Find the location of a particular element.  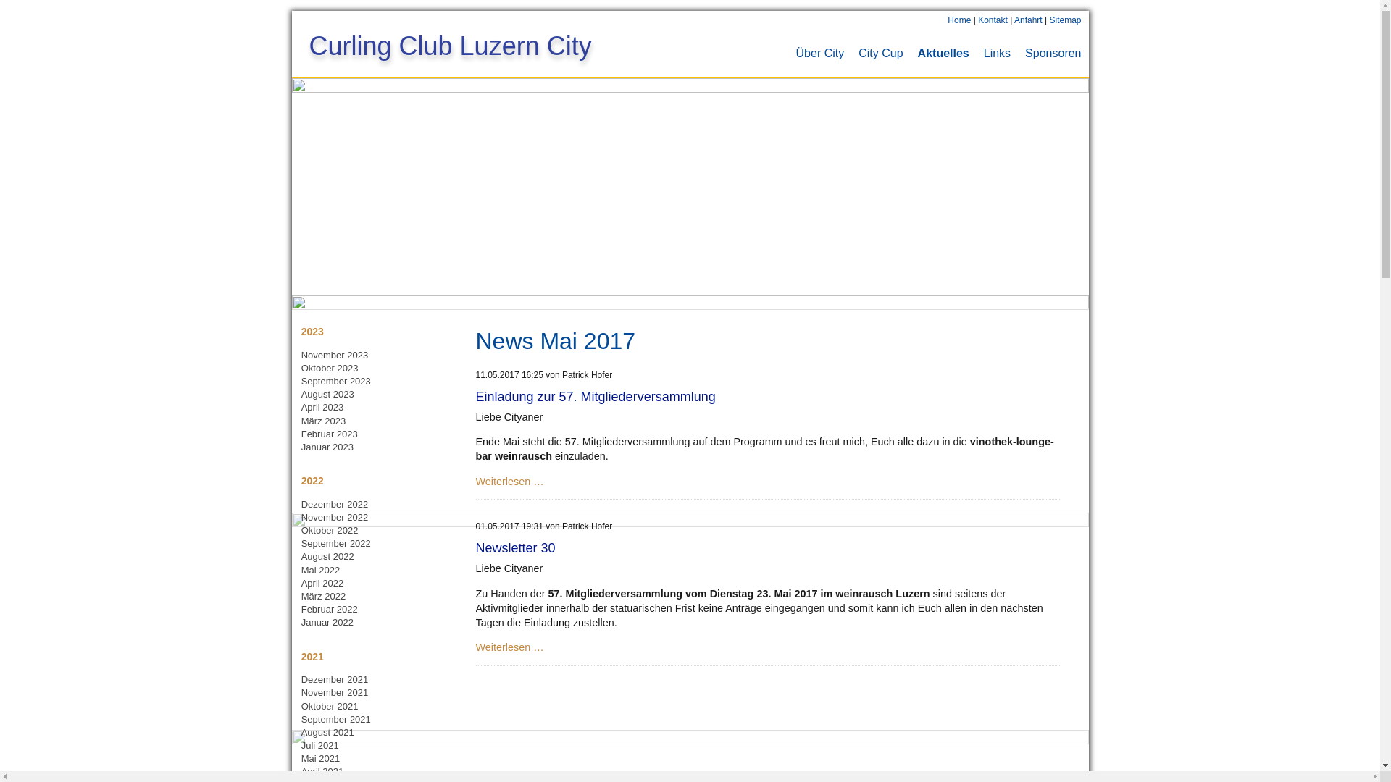

'November 2023' is located at coordinates (334, 355).